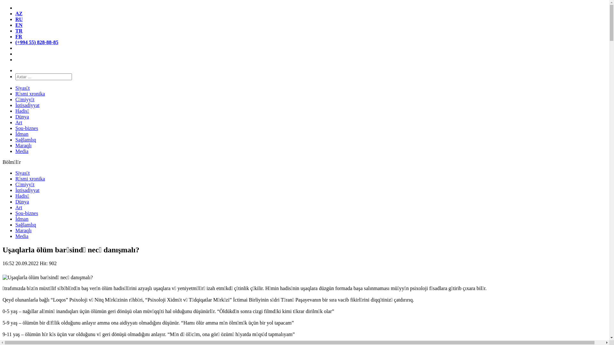 This screenshot has width=614, height=345. What do you see at coordinates (15, 13) in the screenshot?
I see `'AZ'` at bounding box center [15, 13].